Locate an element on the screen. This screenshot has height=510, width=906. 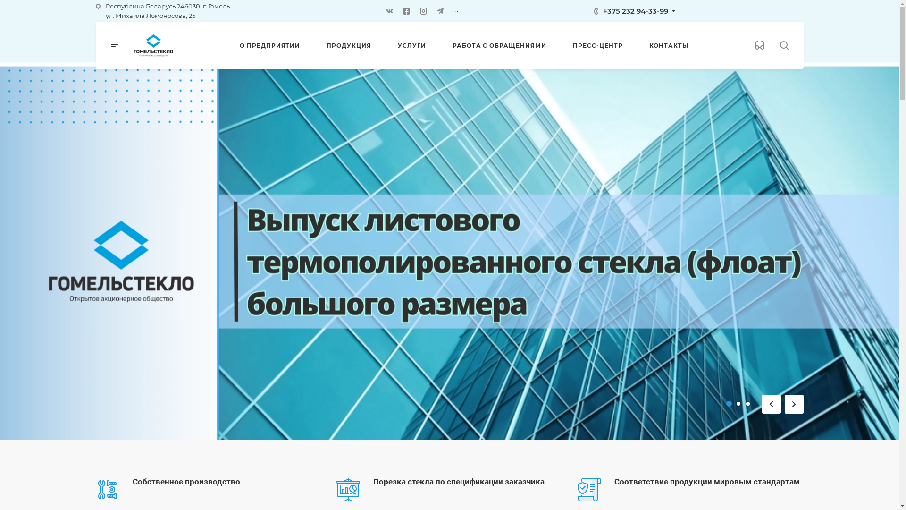
'Facebook' is located at coordinates (406, 11).